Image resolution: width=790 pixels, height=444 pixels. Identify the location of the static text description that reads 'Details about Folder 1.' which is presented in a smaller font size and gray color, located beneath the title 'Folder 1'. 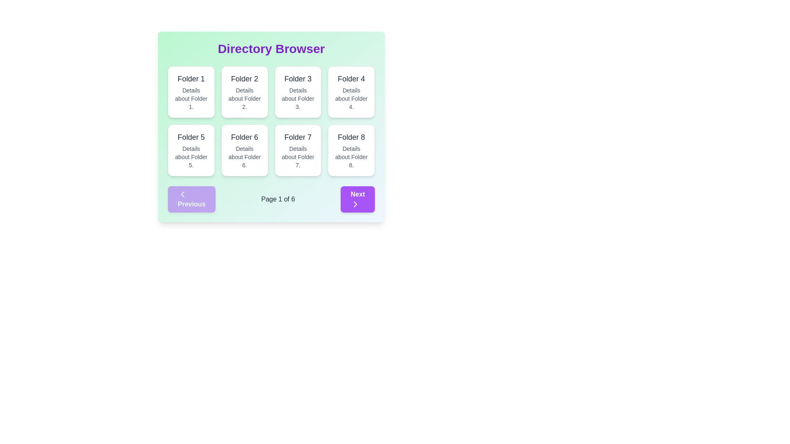
(191, 98).